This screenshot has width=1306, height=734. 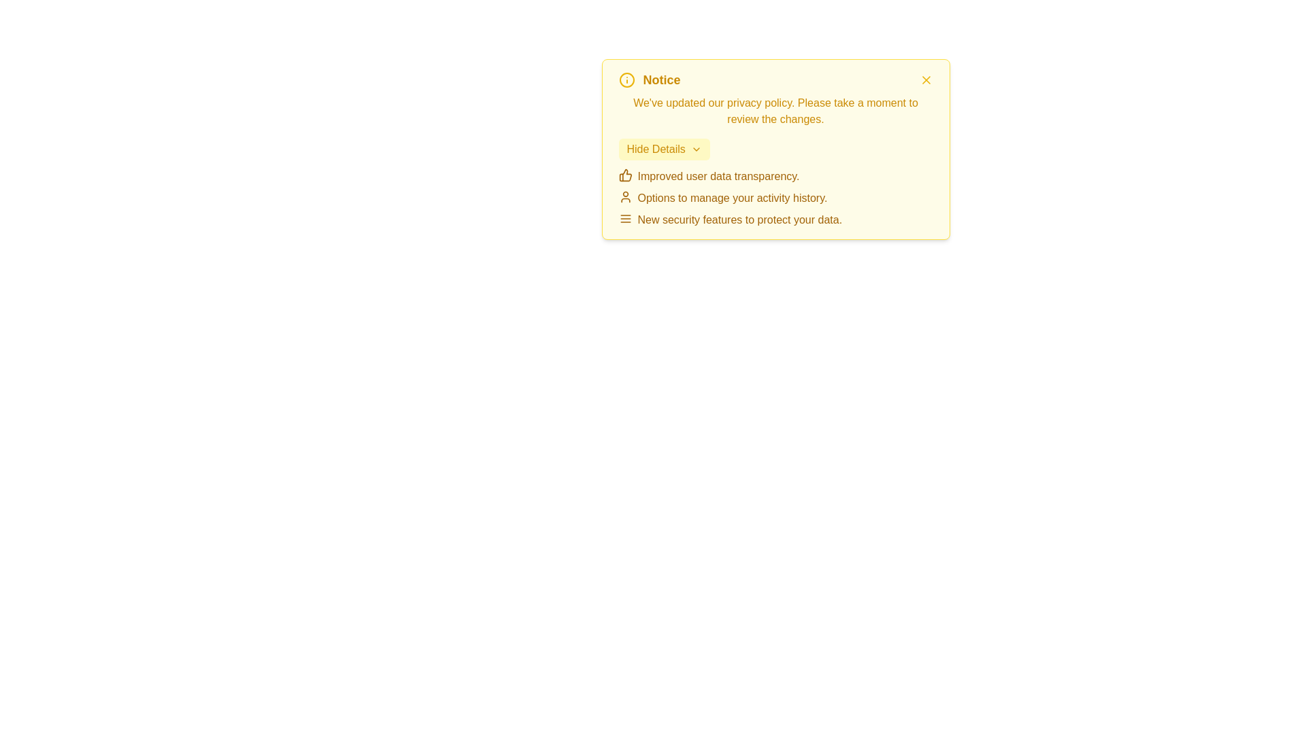 What do you see at coordinates (626, 80) in the screenshot?
I see `the circular icon with a yellow outline and white background, which contains an info symbol, located to the left of the bold yellow text label 'Notice'` at bounding box center [626, 80].